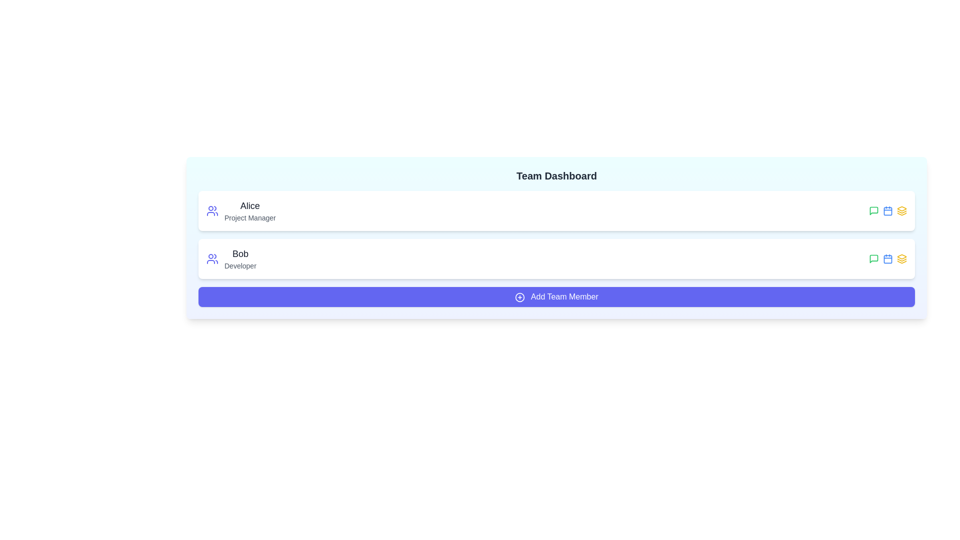 The height and width of the screenshot is (540, 960). Describe the element at coordinates (212, 210) in the screenshot. I see `the indigo SVG icon representing a group of users located to the left of the text 'Alice' and 'Project Manager'` at that location.